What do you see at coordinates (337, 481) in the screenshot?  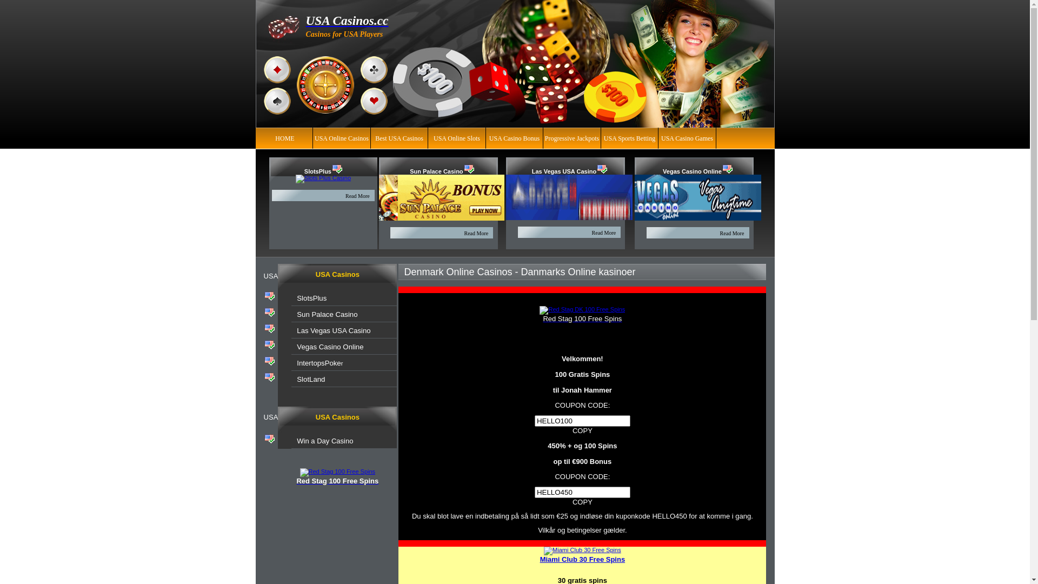 I see `'Red Stag 100 Free Spins'` at bounding box center [337, 481].